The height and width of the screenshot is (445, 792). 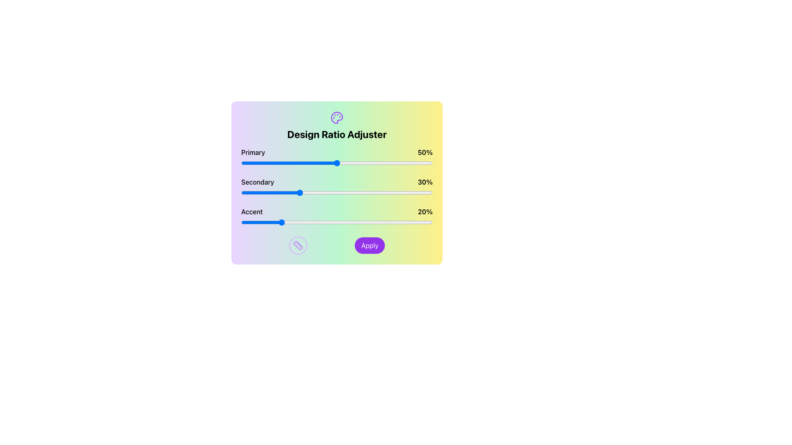 I want to click on the primary design ratio, so click(x=342, y=163).